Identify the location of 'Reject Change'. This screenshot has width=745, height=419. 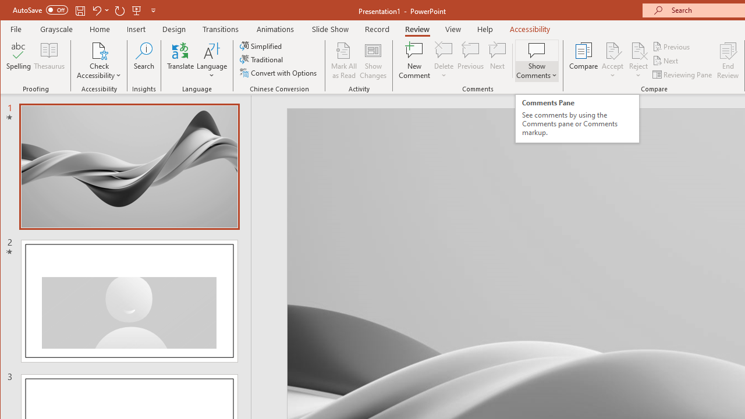
(637, 49).